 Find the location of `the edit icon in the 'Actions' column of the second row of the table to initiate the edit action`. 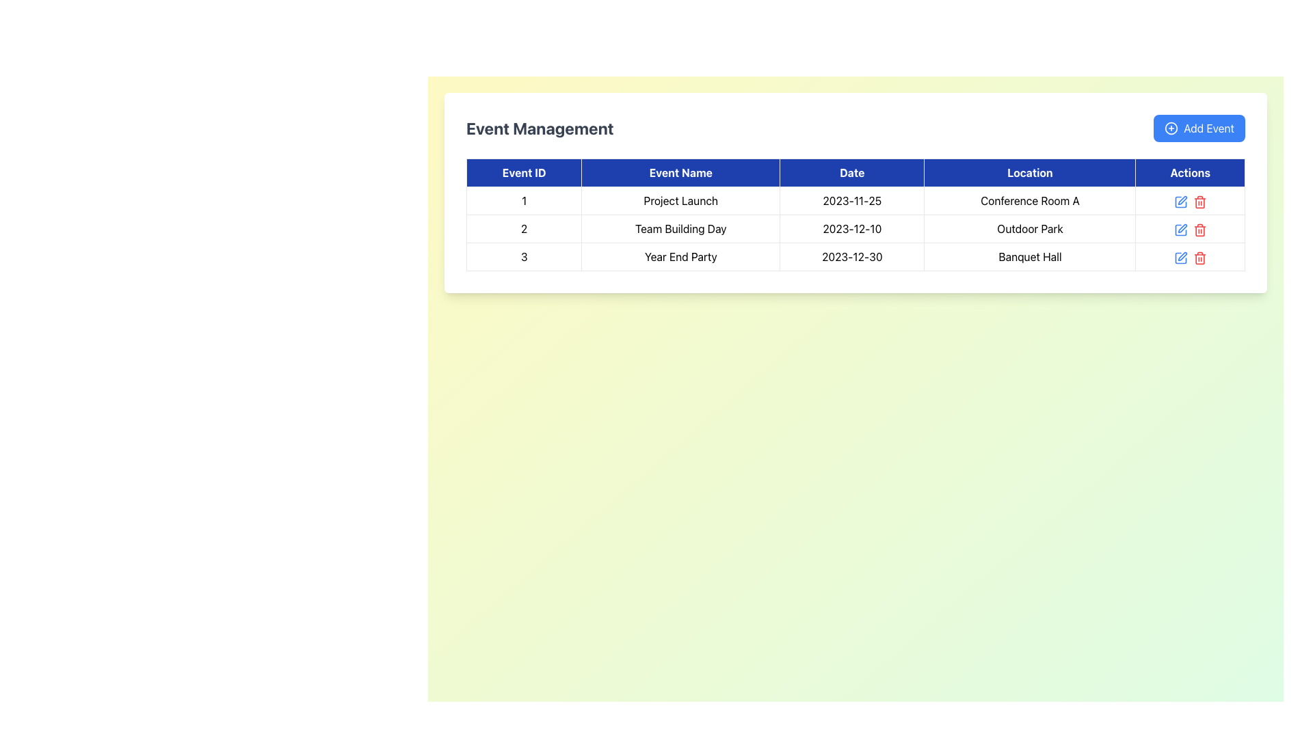

the edit icon in the 'Actions' column of the second row of the table to initiate the edit action is located at coordinates (1182, 228).